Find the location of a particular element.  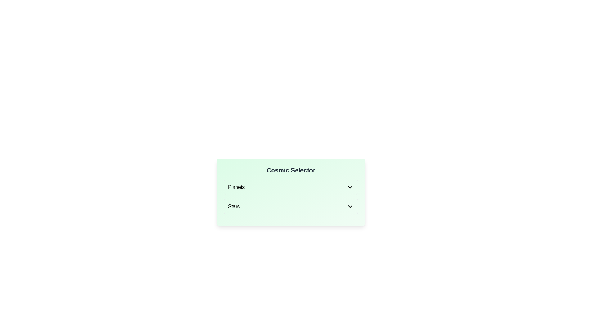

the downward-pointing chevron icon located to the right of the 'Stars' label is located at coordinates (350, 207).